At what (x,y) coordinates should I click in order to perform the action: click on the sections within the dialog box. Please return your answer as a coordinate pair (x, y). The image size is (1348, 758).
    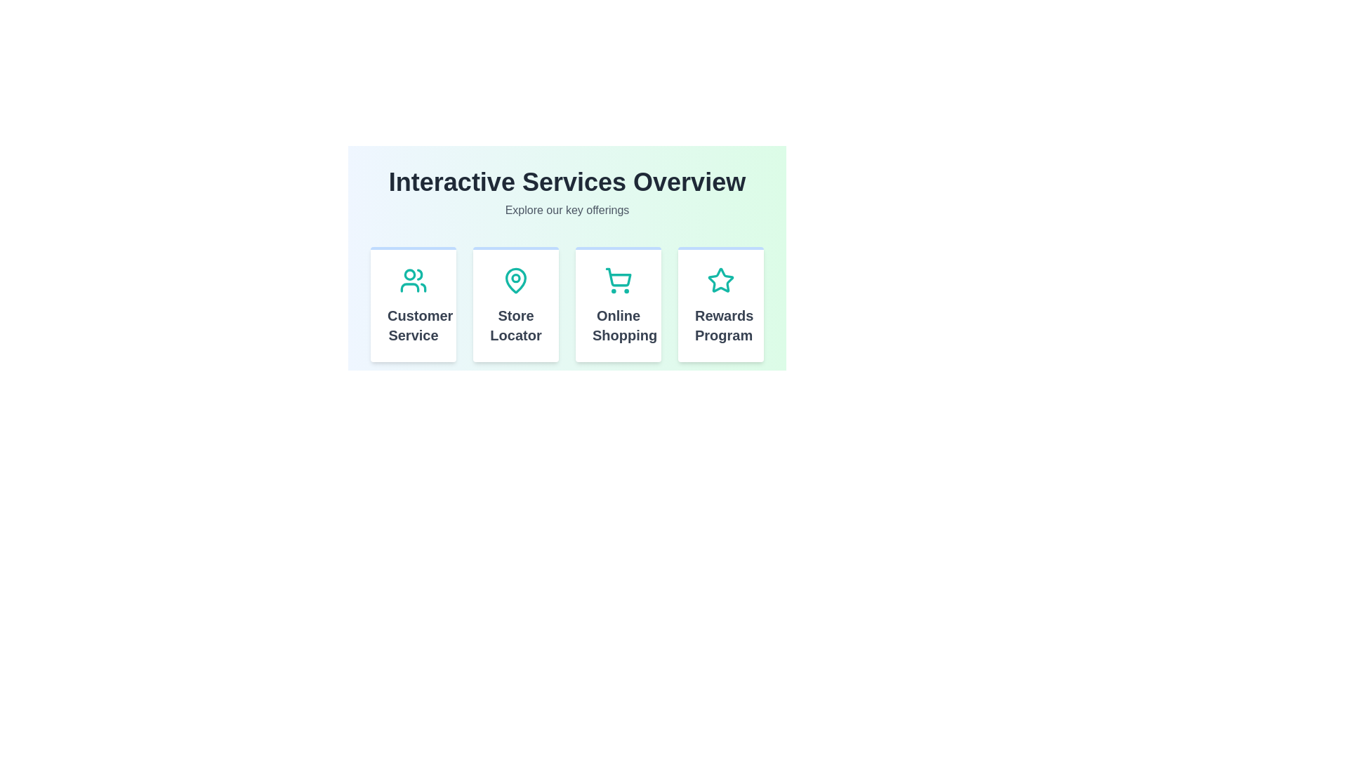
    Looking at the image, I should click on (567, 248).